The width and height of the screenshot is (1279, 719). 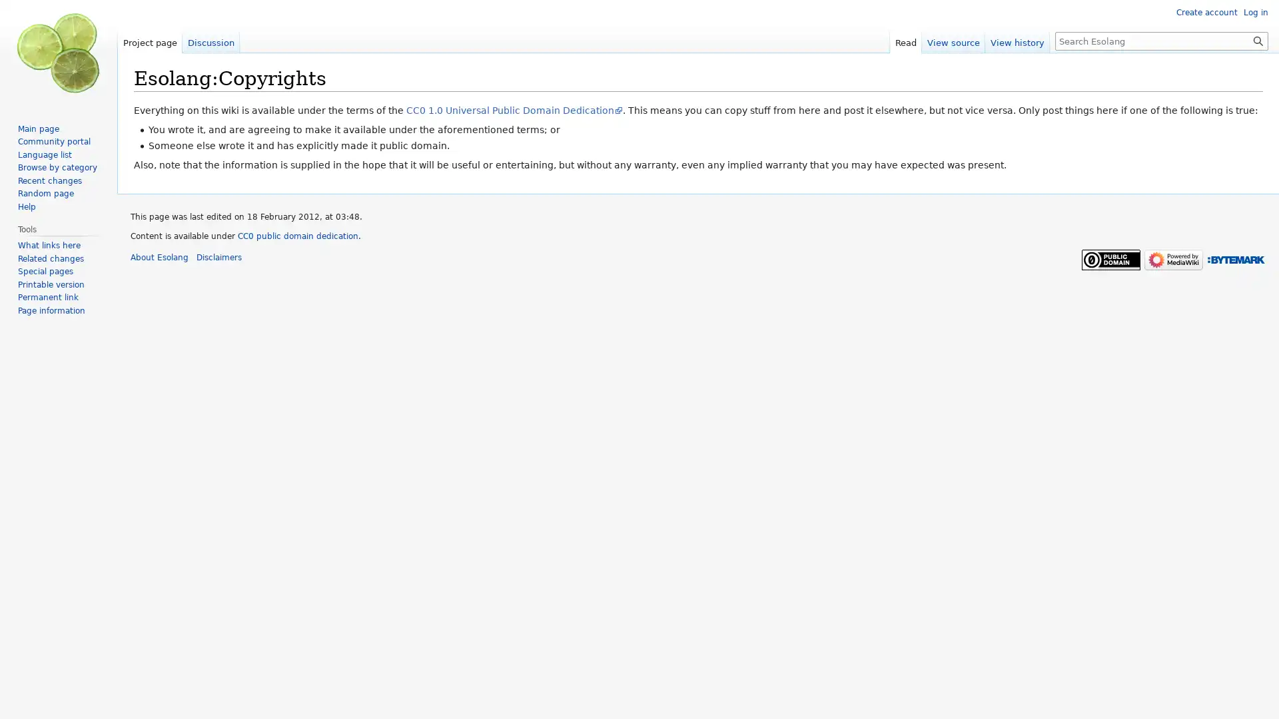 I want to click on Go, so click(x=1258, y=40).